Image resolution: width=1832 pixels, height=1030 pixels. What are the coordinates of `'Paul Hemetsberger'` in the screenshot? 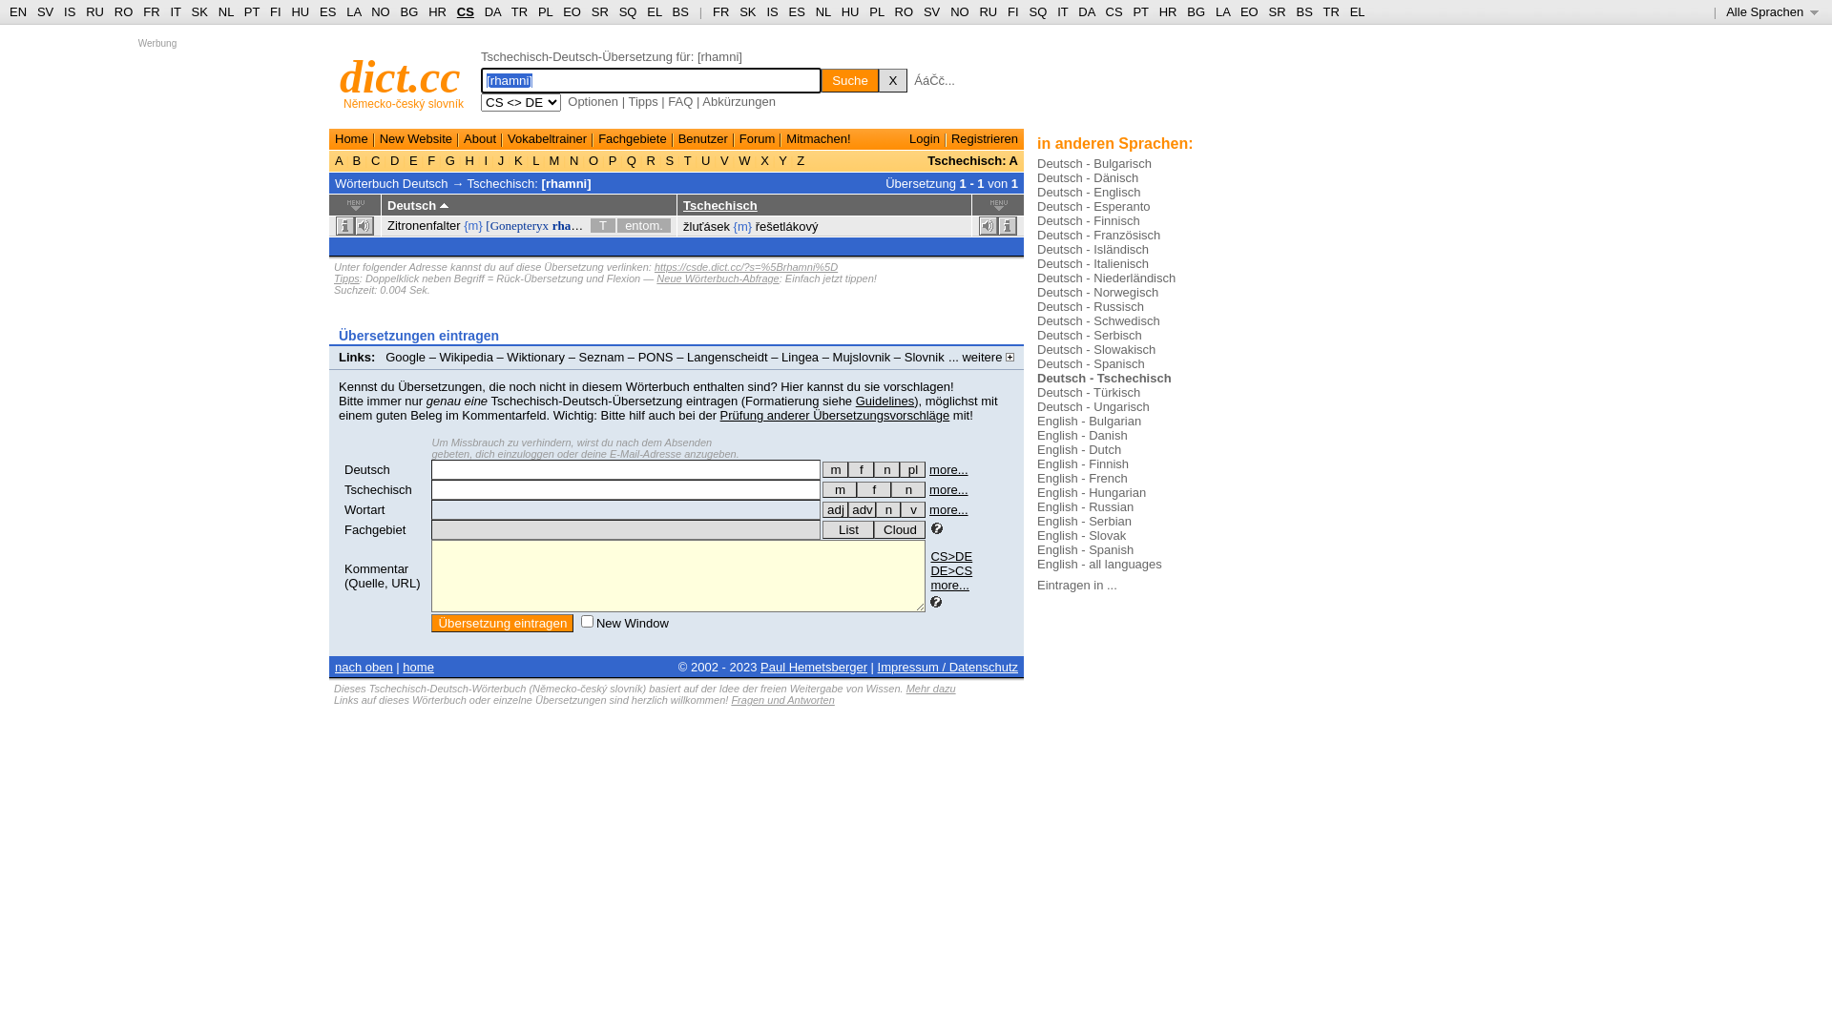 It's located at (759, 666).